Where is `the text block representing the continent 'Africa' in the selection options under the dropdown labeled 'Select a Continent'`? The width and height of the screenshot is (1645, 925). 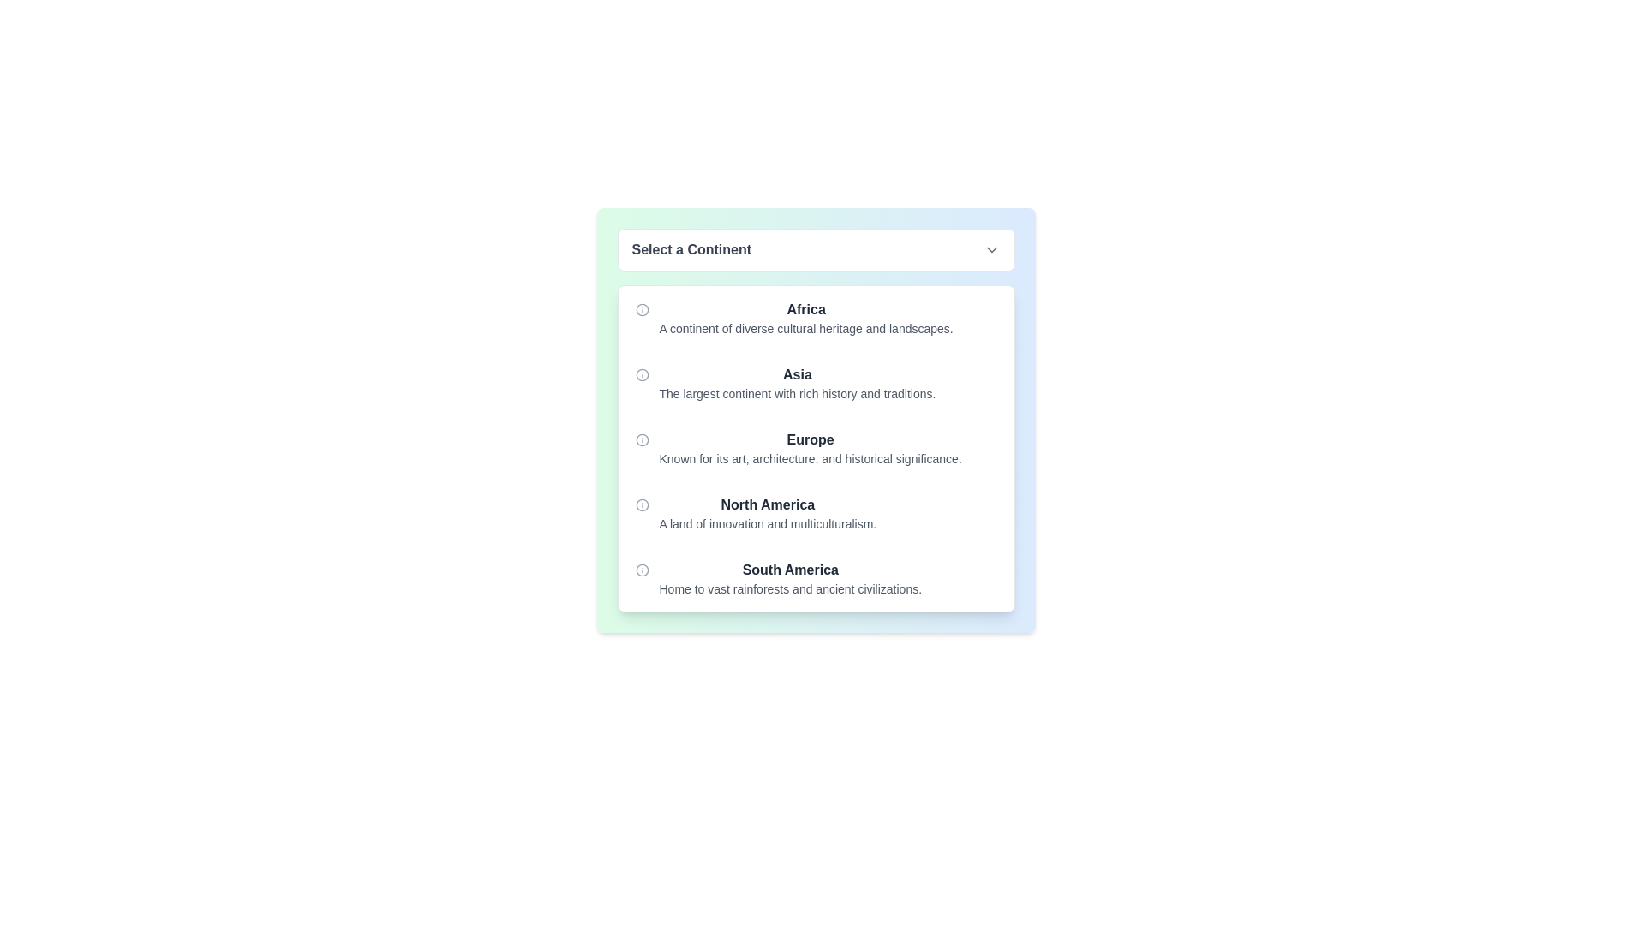 the text block representing the continent 'Africa' in the selection options under the dropdown labeled 'Select a Continent' is located at coordinates (805, 318).